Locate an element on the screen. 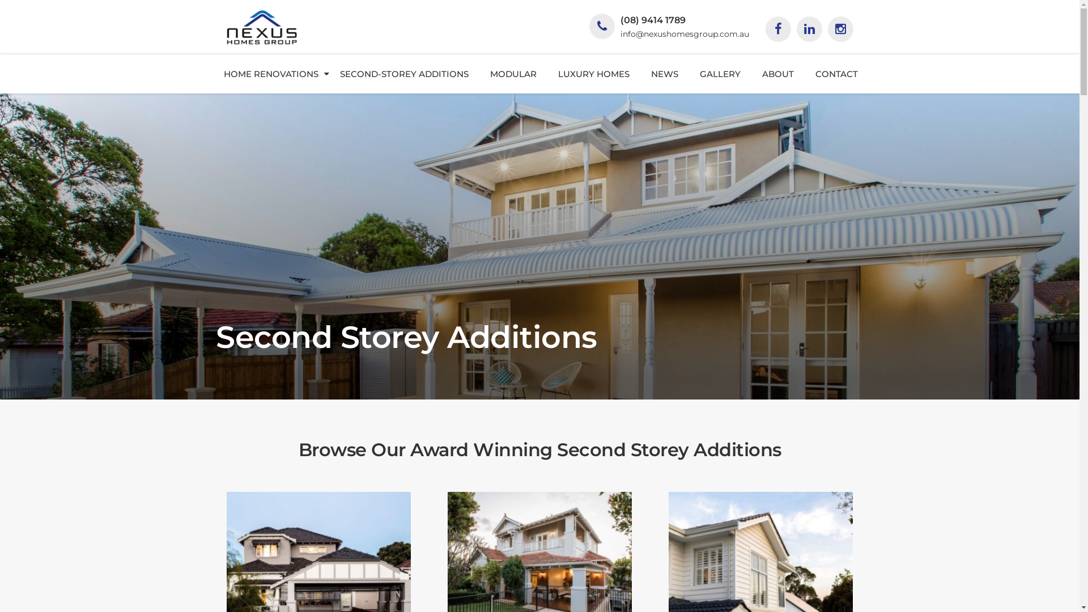 This screenshot has height=612, width=1088. 'LUXURY HOMES' is located at coordinates (593, 74).